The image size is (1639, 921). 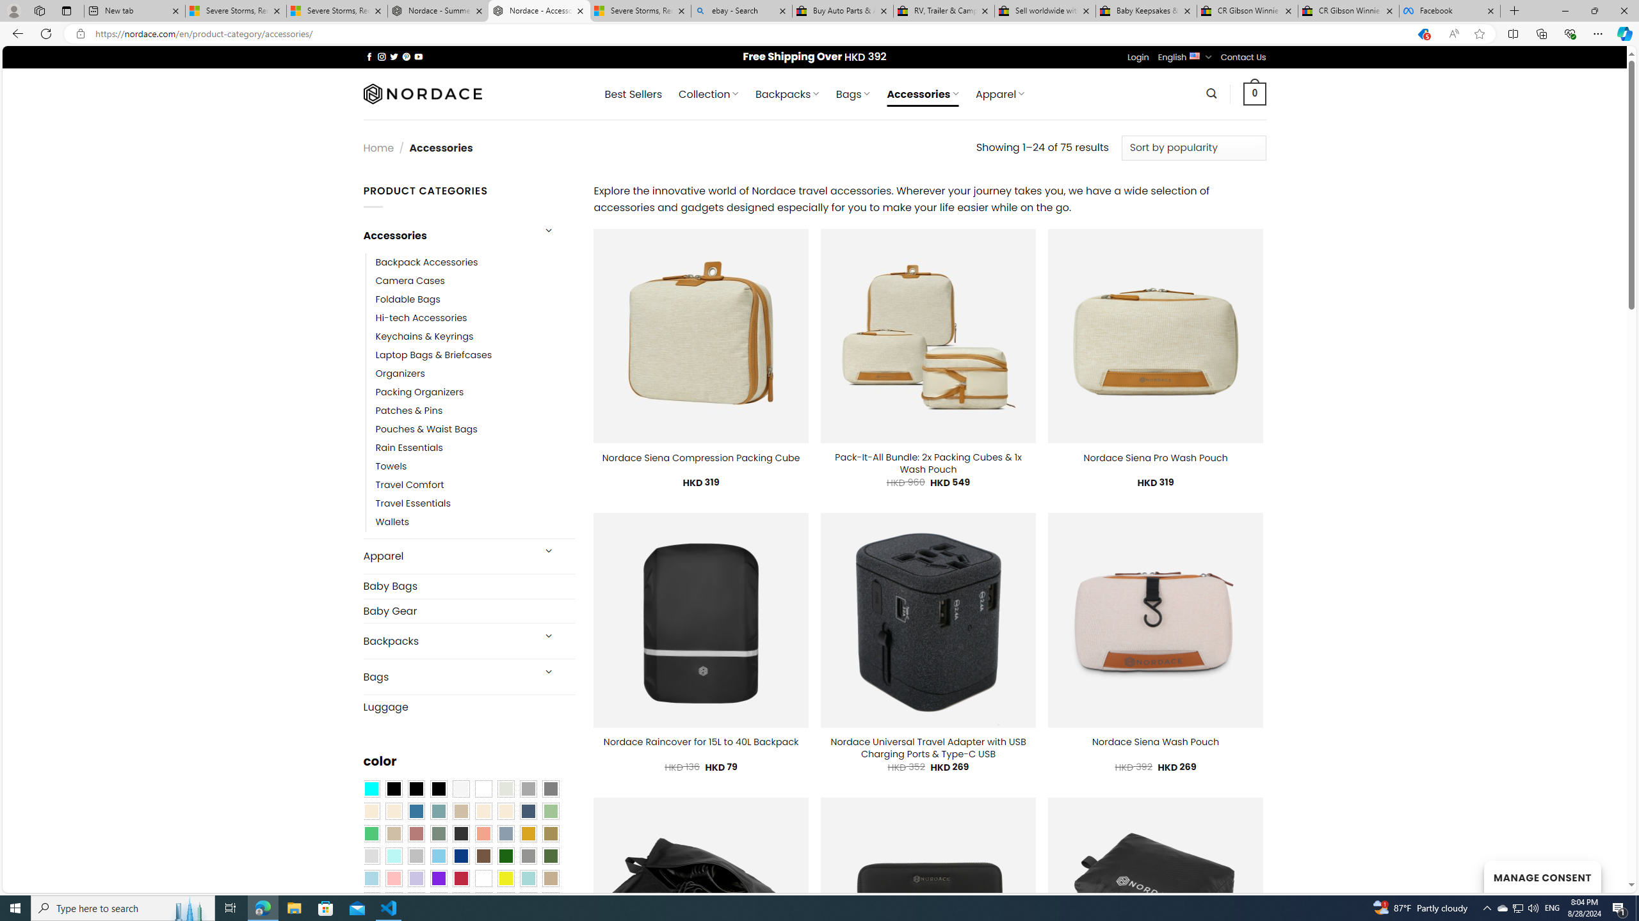 I want to click on 'Browser essentials', so click(x=1569, y=33).